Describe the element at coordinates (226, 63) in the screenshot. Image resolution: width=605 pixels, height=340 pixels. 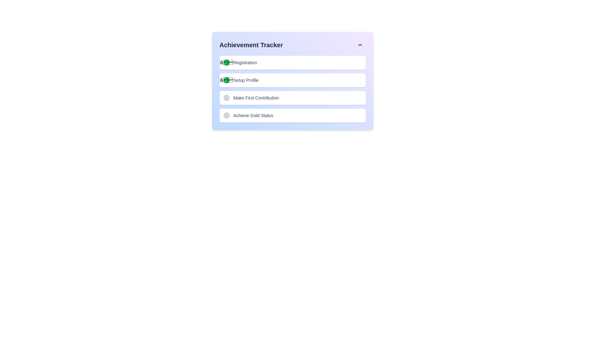
I see `the small circular icon with a green background and a white checkmark located to the left of the 'Registration' label in the Achievement Tracker panel` at that location.